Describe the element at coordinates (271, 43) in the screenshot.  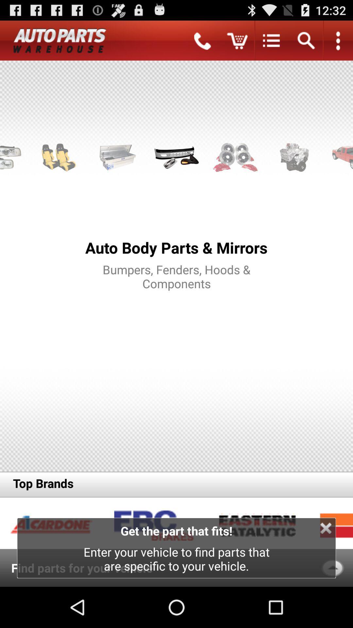
I see `the list icon` at that location.